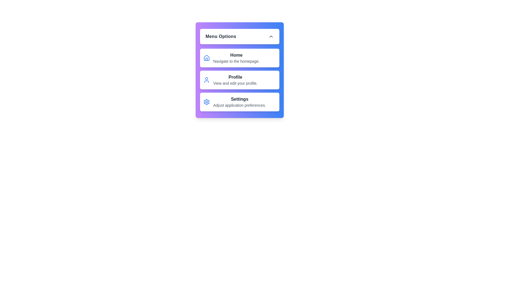 This screenshot has height=297, width=529. I want to click on the menu item corresponding to Home, so click(239, 58).